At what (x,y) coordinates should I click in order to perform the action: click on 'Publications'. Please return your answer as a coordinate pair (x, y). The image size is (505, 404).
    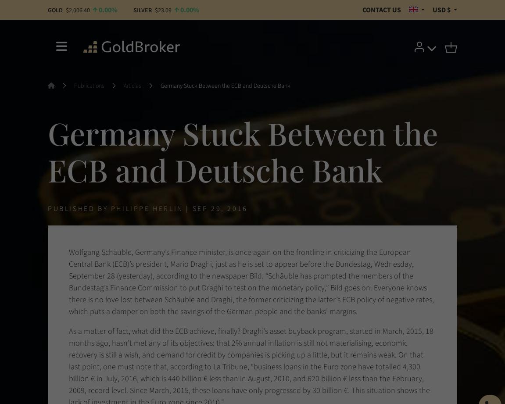
    Looking at the image, I should click on (73, 85).